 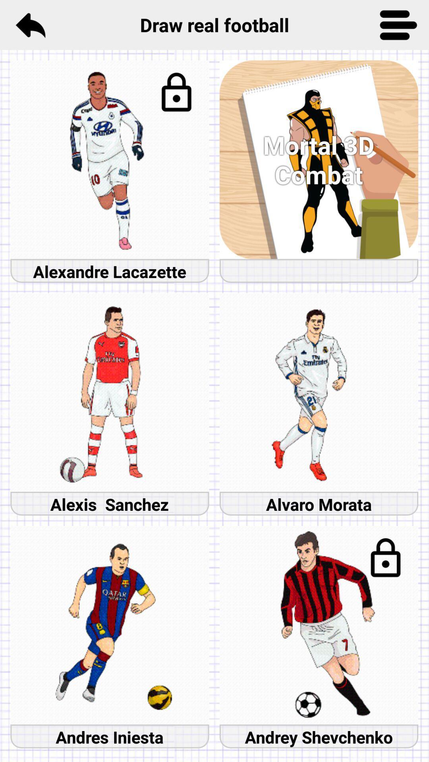 What do you see at coordinates (30, 25) in the screenshot?
I see `icon to the left of draw real football` at bounding box center [30, 25].